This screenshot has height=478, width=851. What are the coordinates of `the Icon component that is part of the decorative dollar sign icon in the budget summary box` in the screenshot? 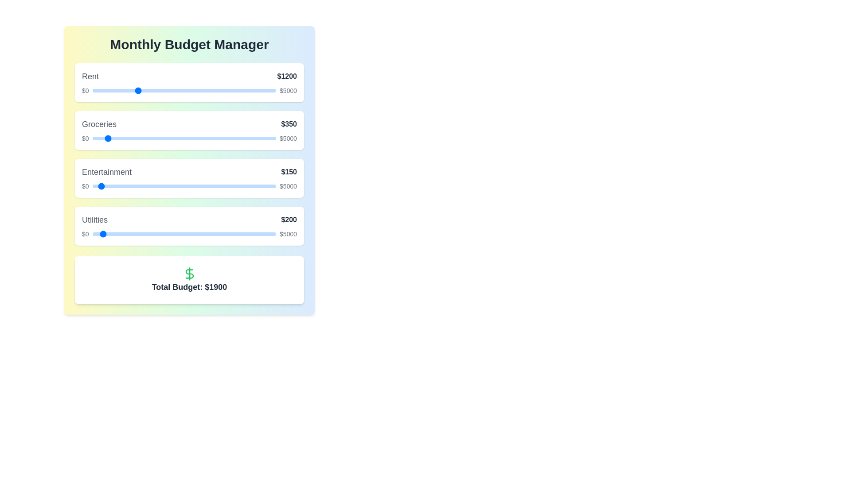 It's located at (189, 273).